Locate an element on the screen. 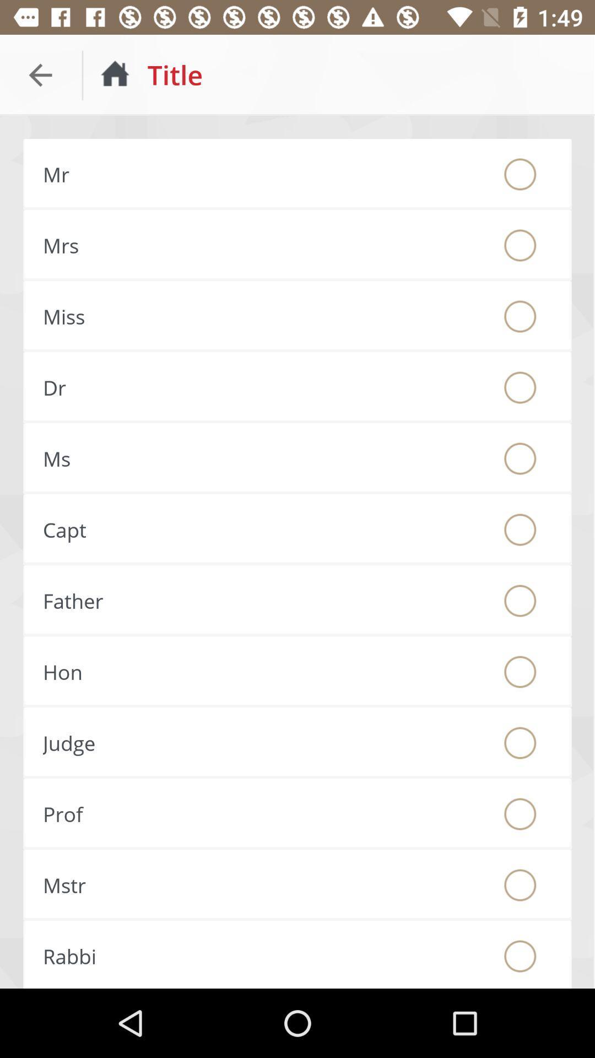 The height and width of the screenshot is (1058, 595). choose this option is located at coordinates (520, 458).